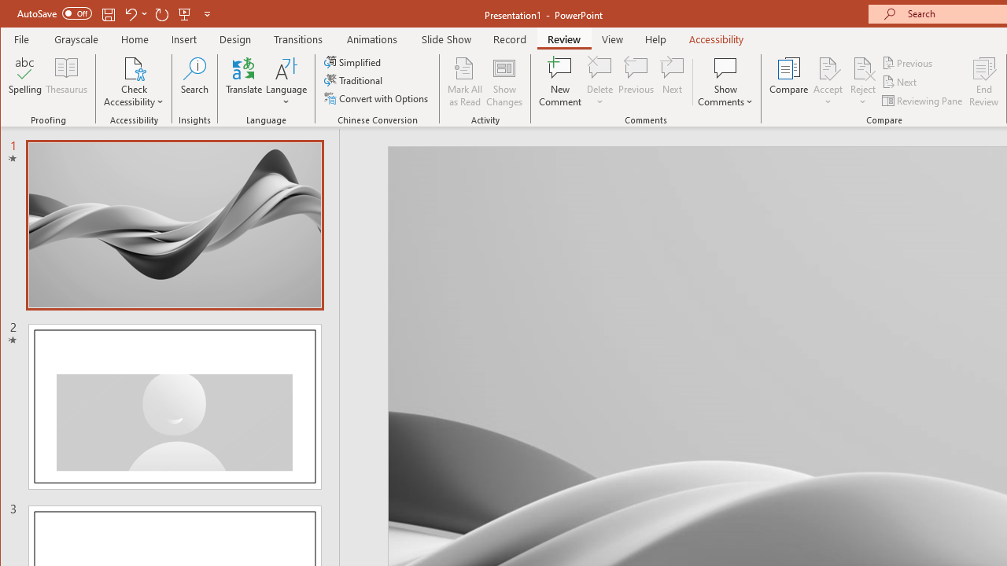  Describe the element at coordinates (354, 80) in the screenshot. I see `'Traditional'` at that location.